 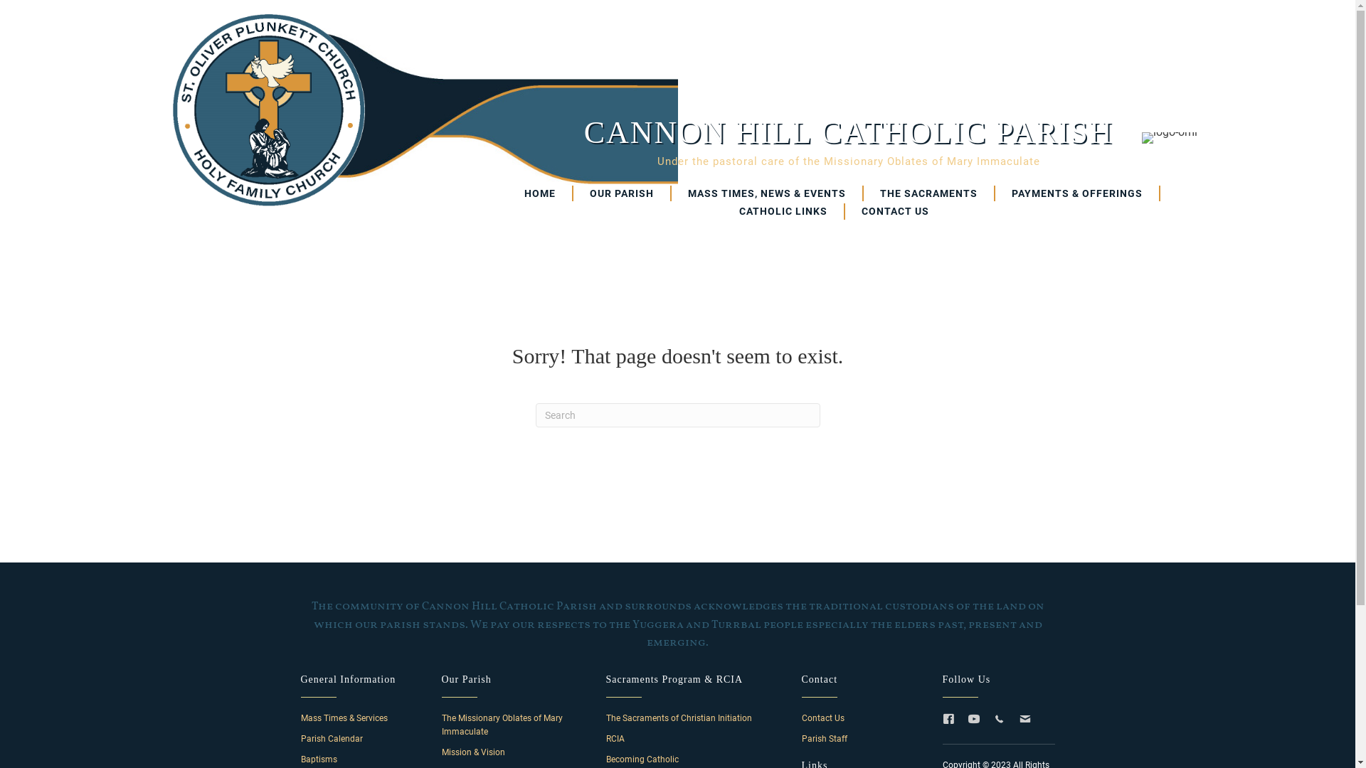 What do you see at coordinates (300, 759) in the screenshot?
I see `'Baptisms'` at bounding box center [300, 759].